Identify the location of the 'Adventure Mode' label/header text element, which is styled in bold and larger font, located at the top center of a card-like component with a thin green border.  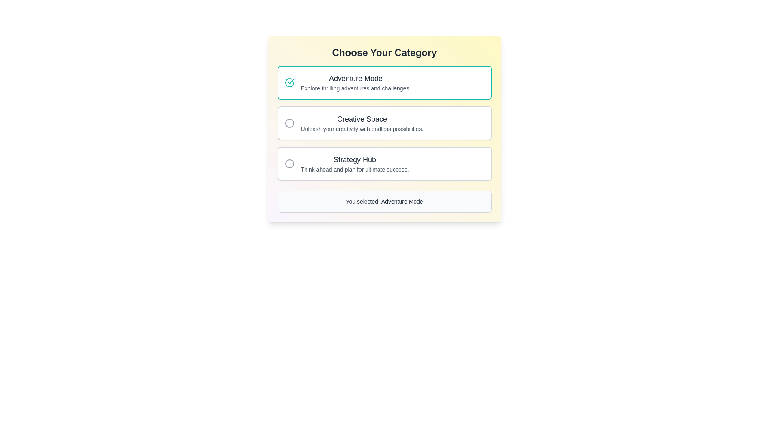
(355, 78).